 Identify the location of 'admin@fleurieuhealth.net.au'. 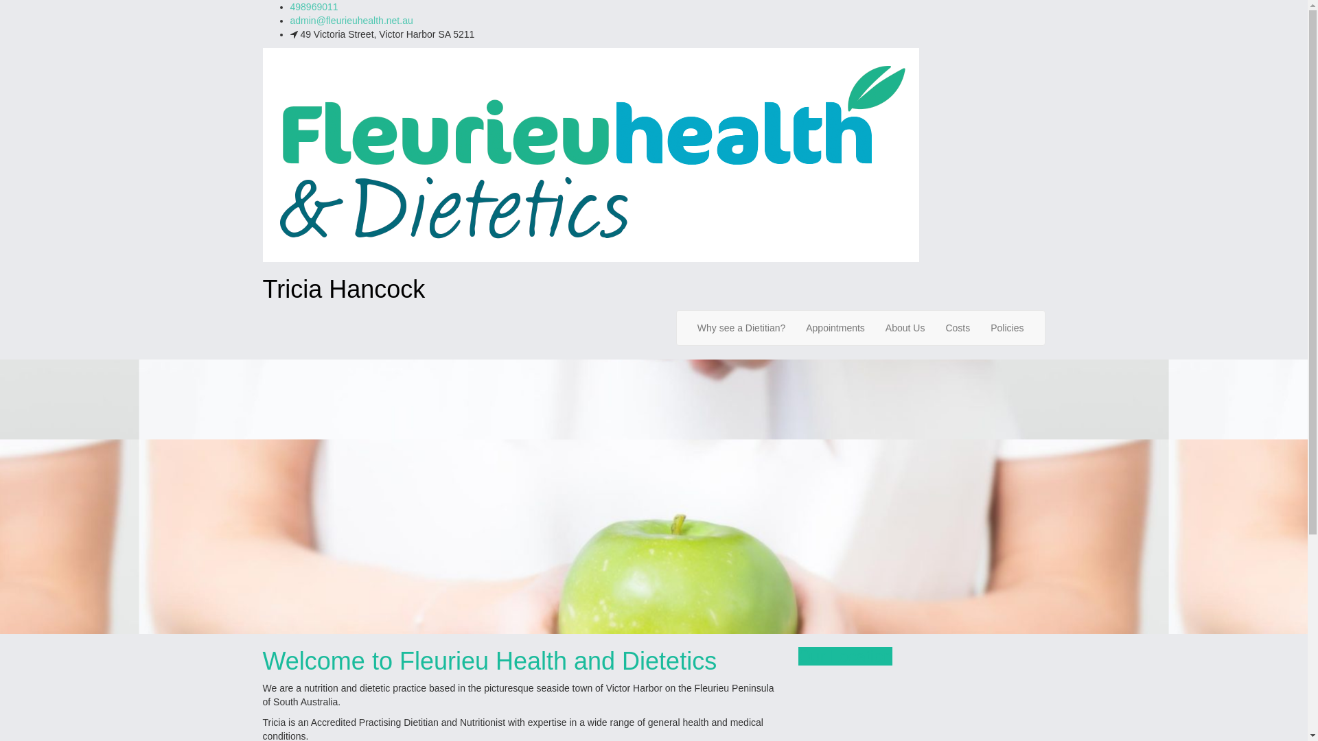
(351, 21).